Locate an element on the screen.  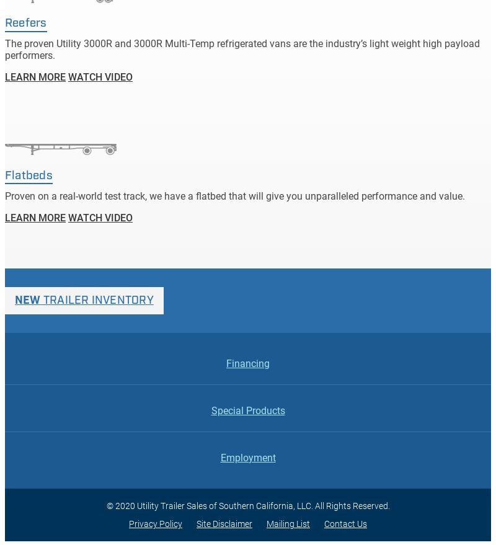
'Mailing List' is located at coordinates (288, 523).